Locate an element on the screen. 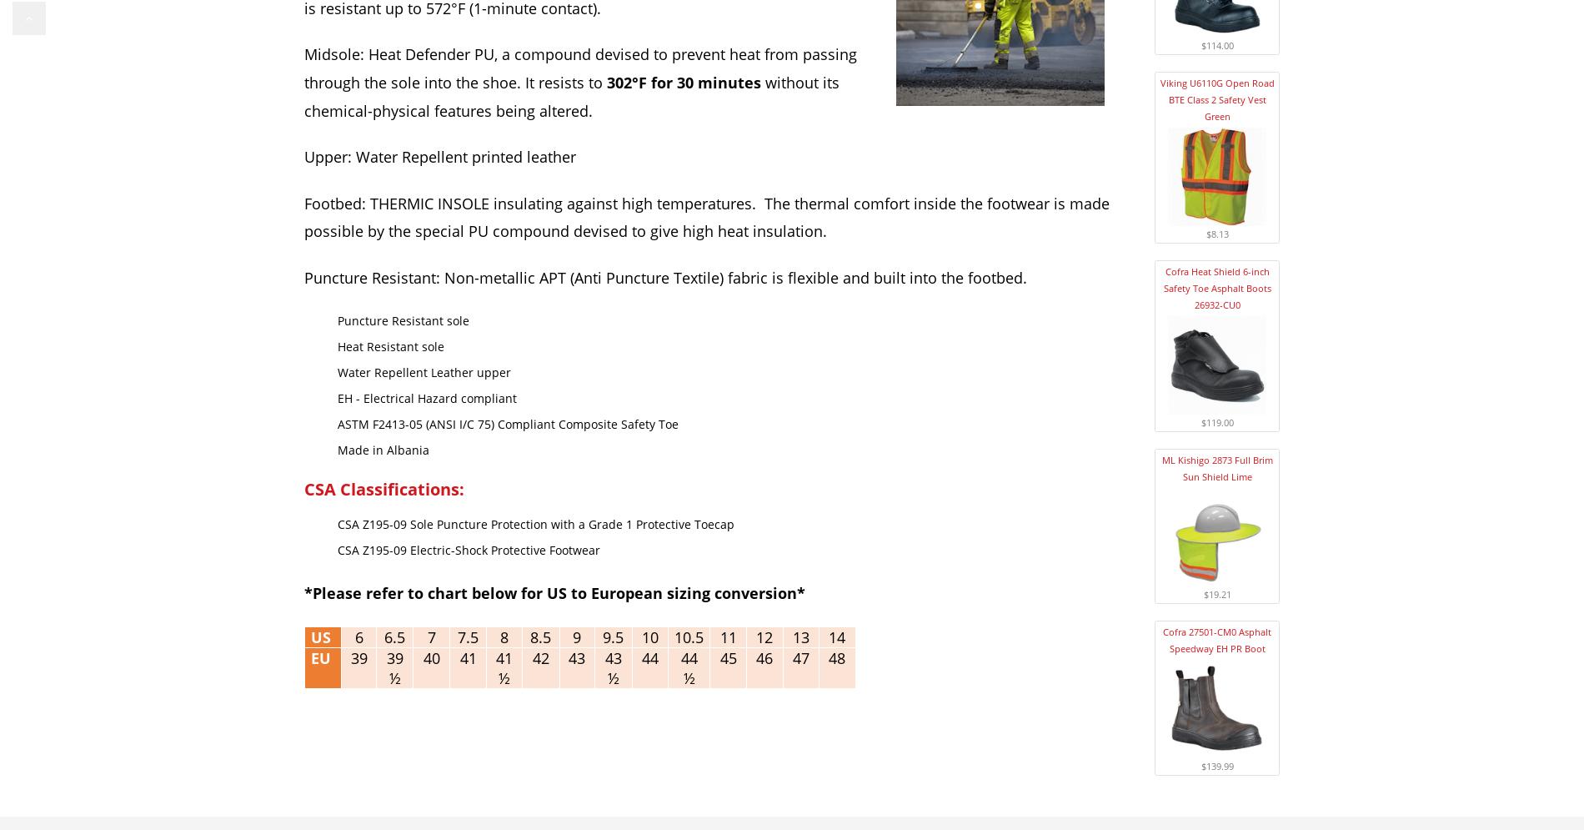 The image size is (1584, 830). '41 ½' is located at coordinates (504, 667).